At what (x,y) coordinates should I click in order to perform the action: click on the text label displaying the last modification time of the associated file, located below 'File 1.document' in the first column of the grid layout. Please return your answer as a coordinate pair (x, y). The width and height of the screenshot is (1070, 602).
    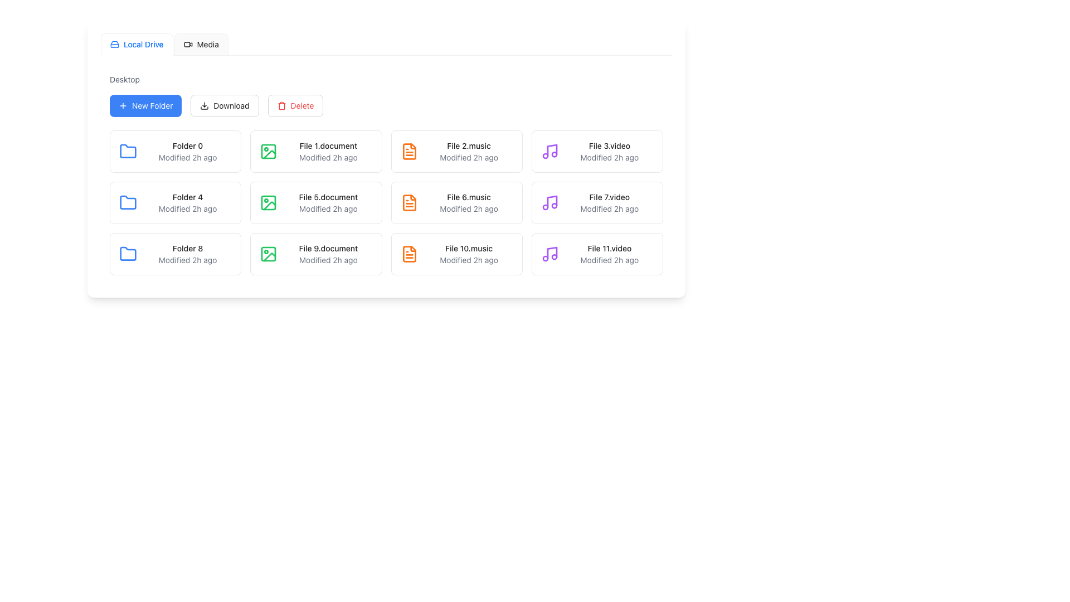
    Looking at the image, I should click on (328, 157).